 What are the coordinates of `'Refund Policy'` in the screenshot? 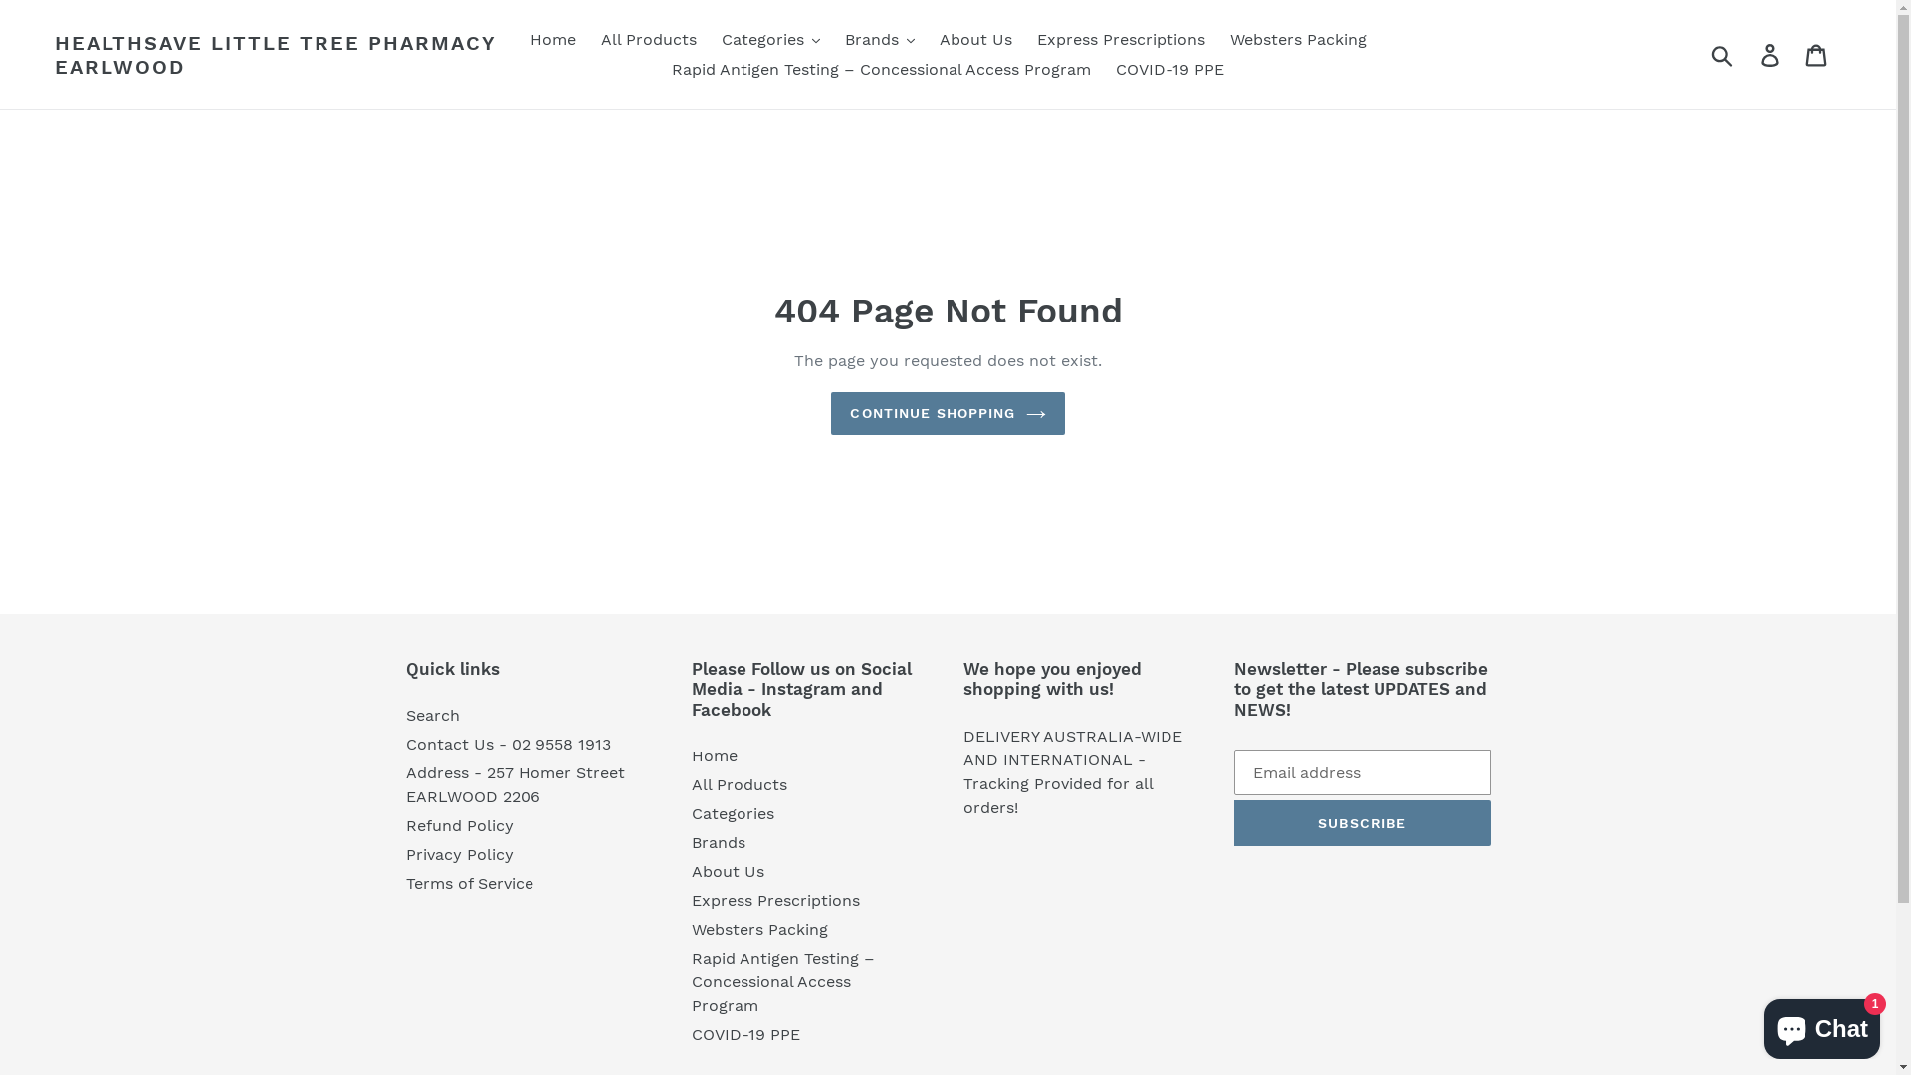 It's located at (458, 825).